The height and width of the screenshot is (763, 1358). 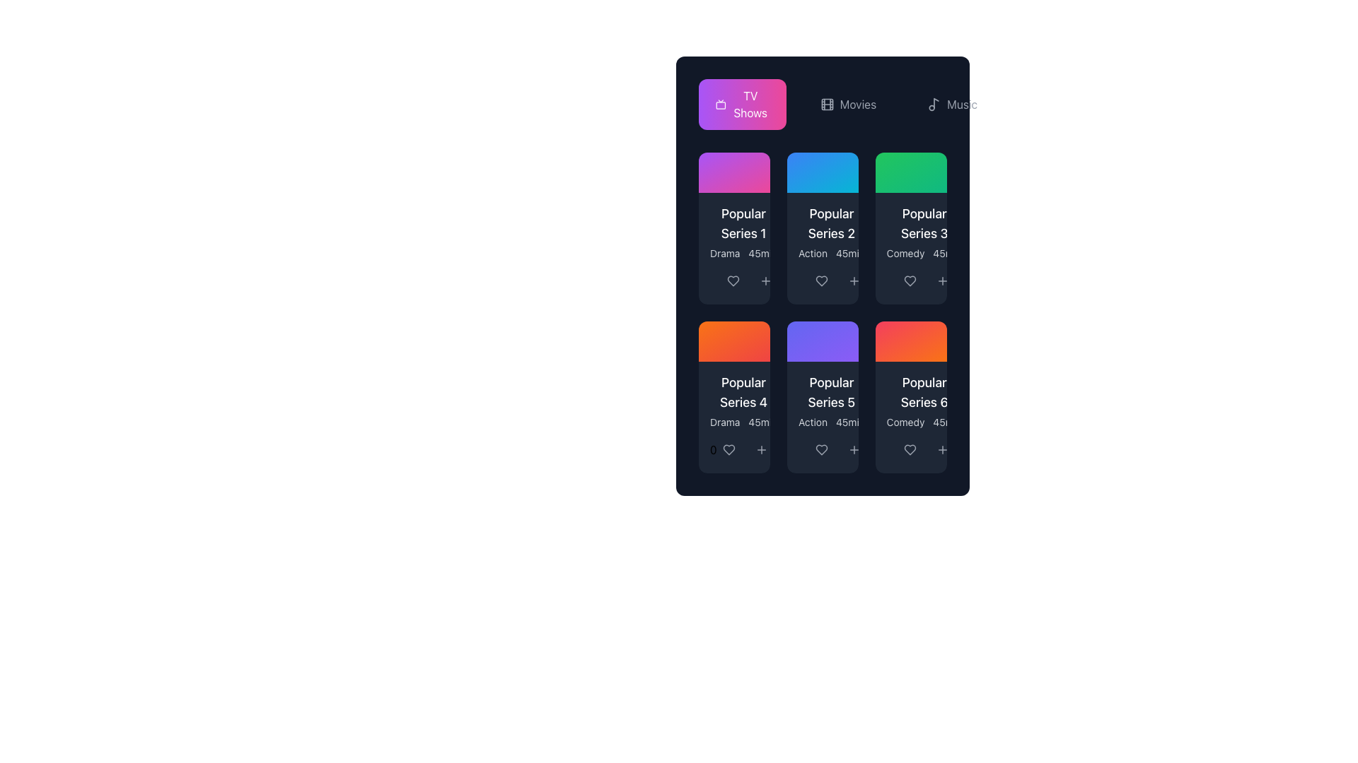 I want to click on the decorative background area of the third card in the grid of popular series cards located in the top-right portion of the grid, so click(x=911, y=172).